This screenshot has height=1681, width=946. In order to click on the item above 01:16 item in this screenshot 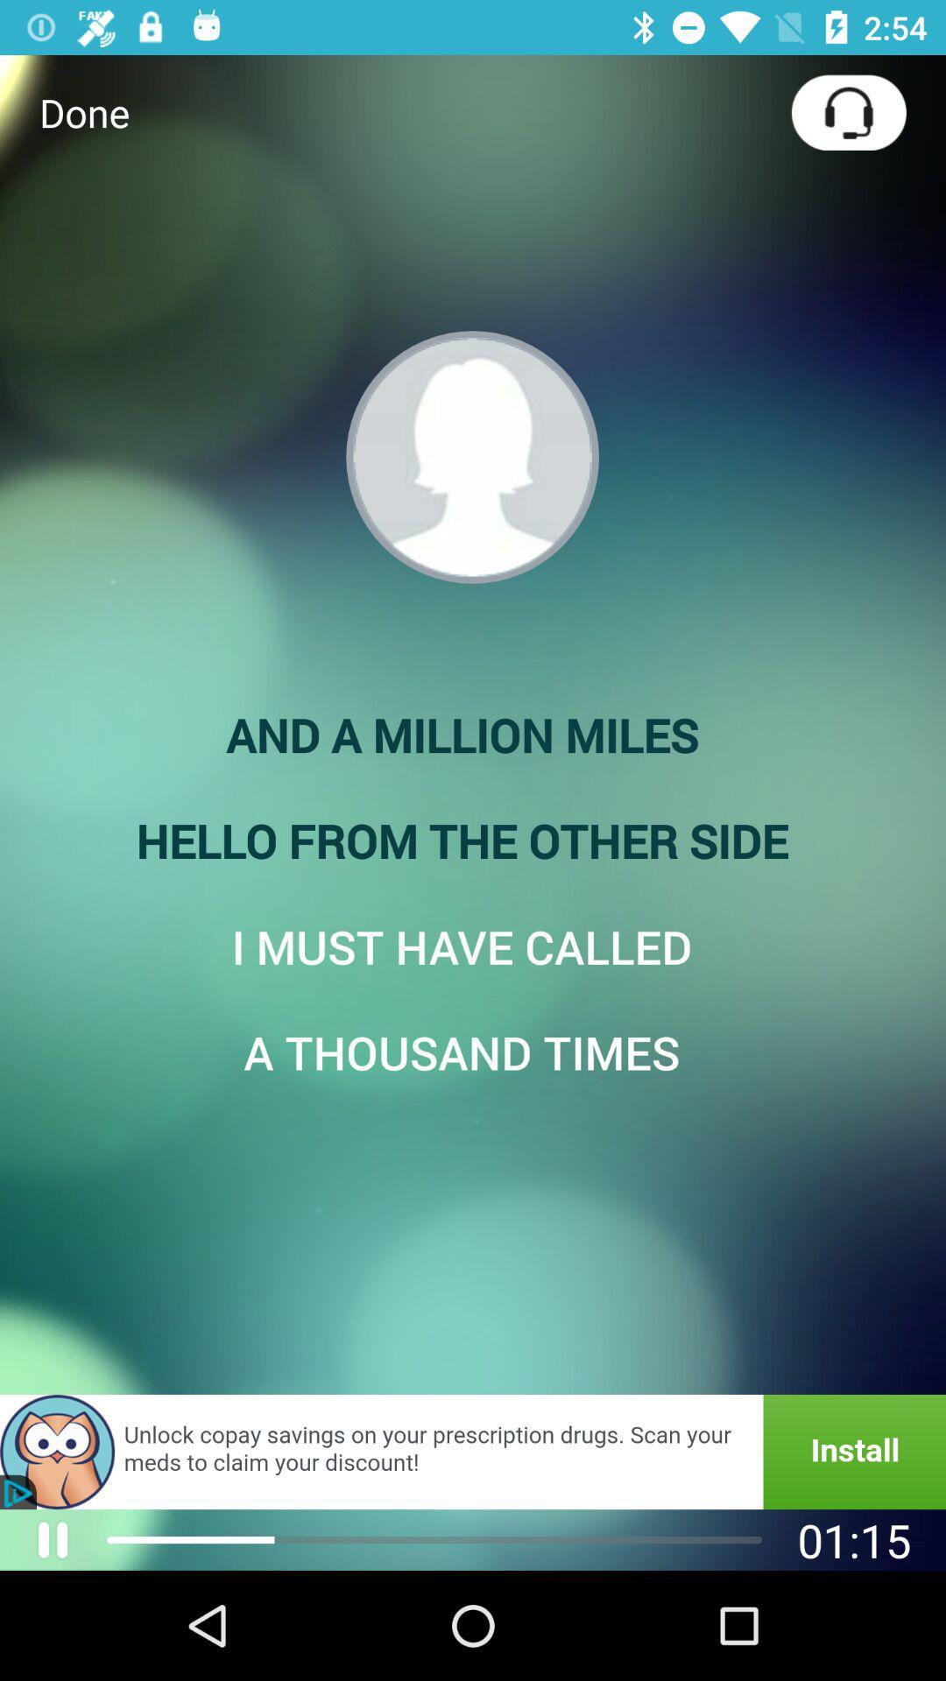, I will do `click(473, 1452)`.